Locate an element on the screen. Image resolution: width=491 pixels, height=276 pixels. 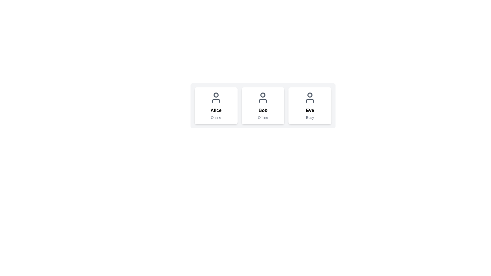
the circular graphical element representing the avatar for 'Alice' in the user card is located at coordinates (216, 95).